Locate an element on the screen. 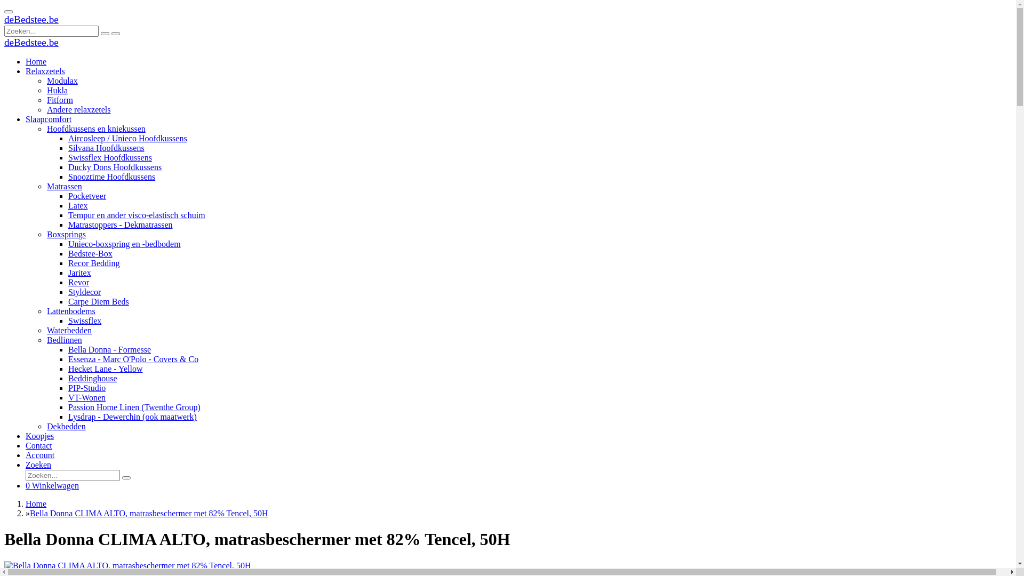 The image size is (1024, 576). 'Pocketveer' is located at coordinates (87, 196).